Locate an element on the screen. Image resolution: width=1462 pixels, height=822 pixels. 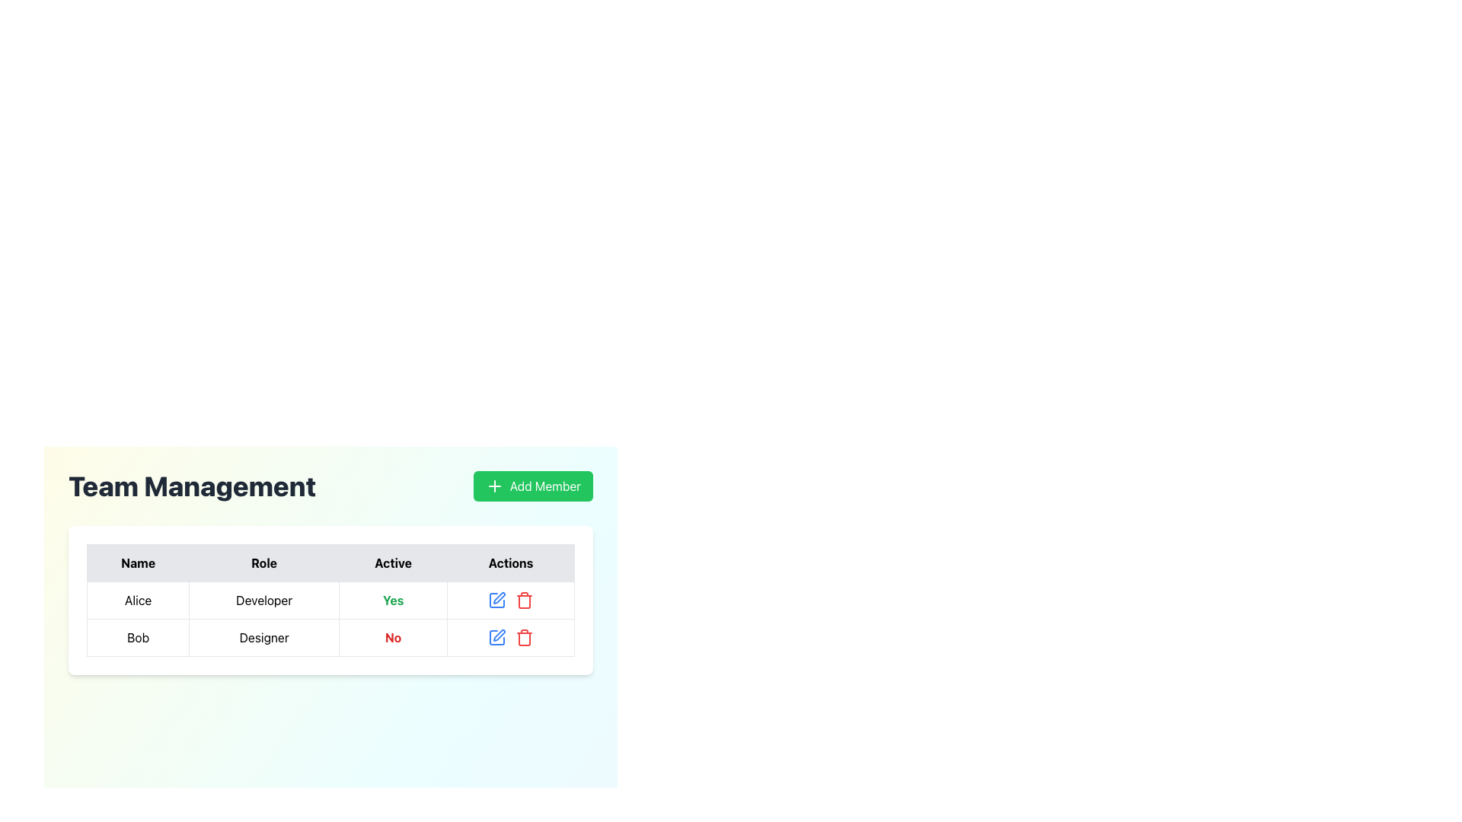
the edit icon with a blue outline located in the 'Actions' column of the second row in the Team Management interface is located at coordinates (500, 635).